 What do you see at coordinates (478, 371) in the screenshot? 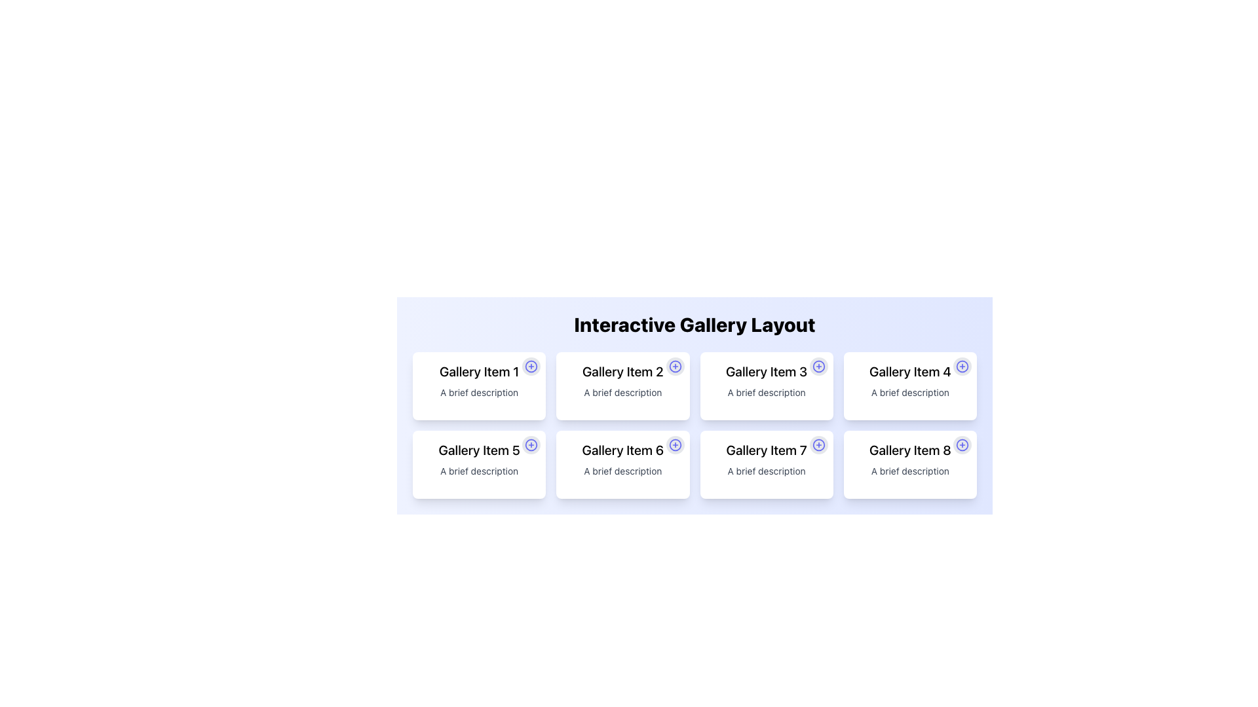
I see `the text label 'Gallery Item 1', which is prominently styled in a large, bold, black font and located at the top of the top-left card in a grid layout` at bounding box center [478, 371].